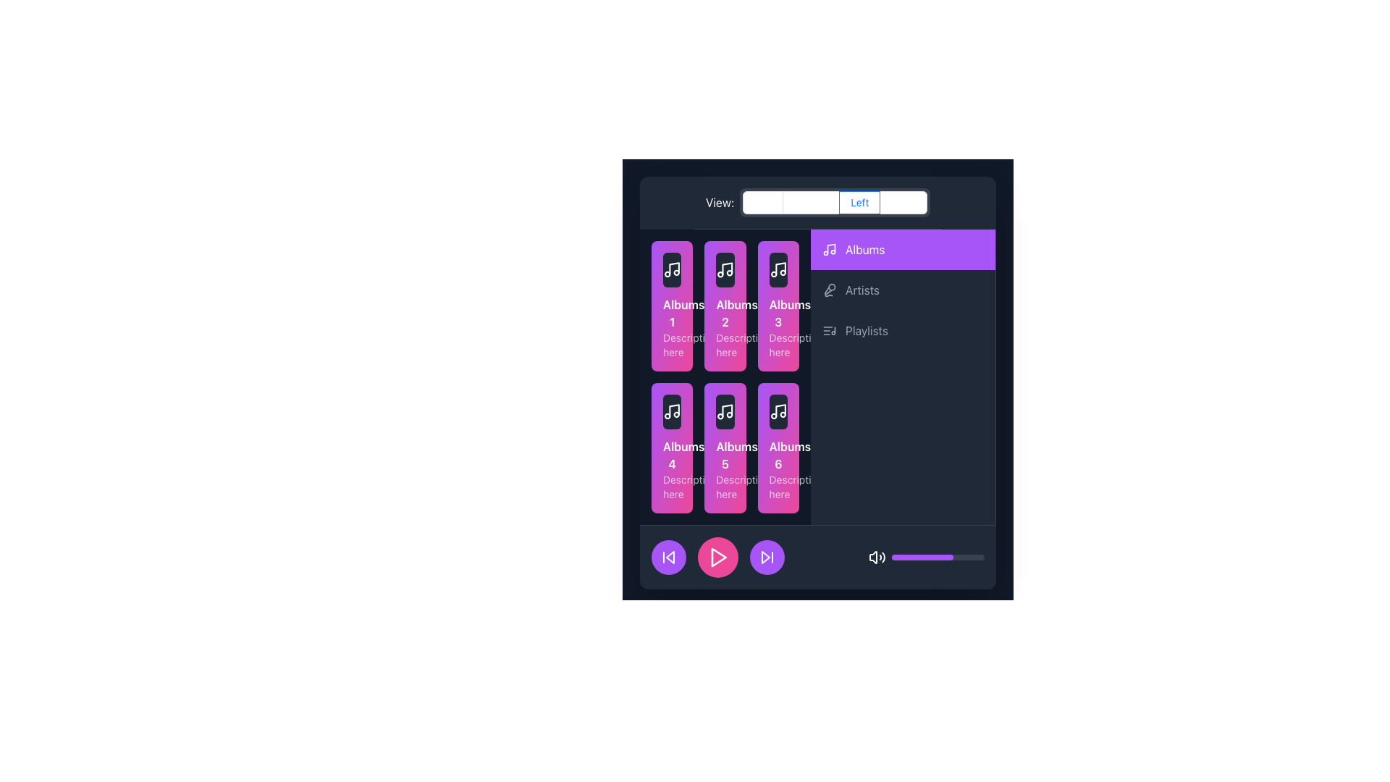  What do you see at coordinates (859, 203) in the screenshot?
I see `the radio button styled as a button labeled 'Left'` at bounding box center [859, 203].